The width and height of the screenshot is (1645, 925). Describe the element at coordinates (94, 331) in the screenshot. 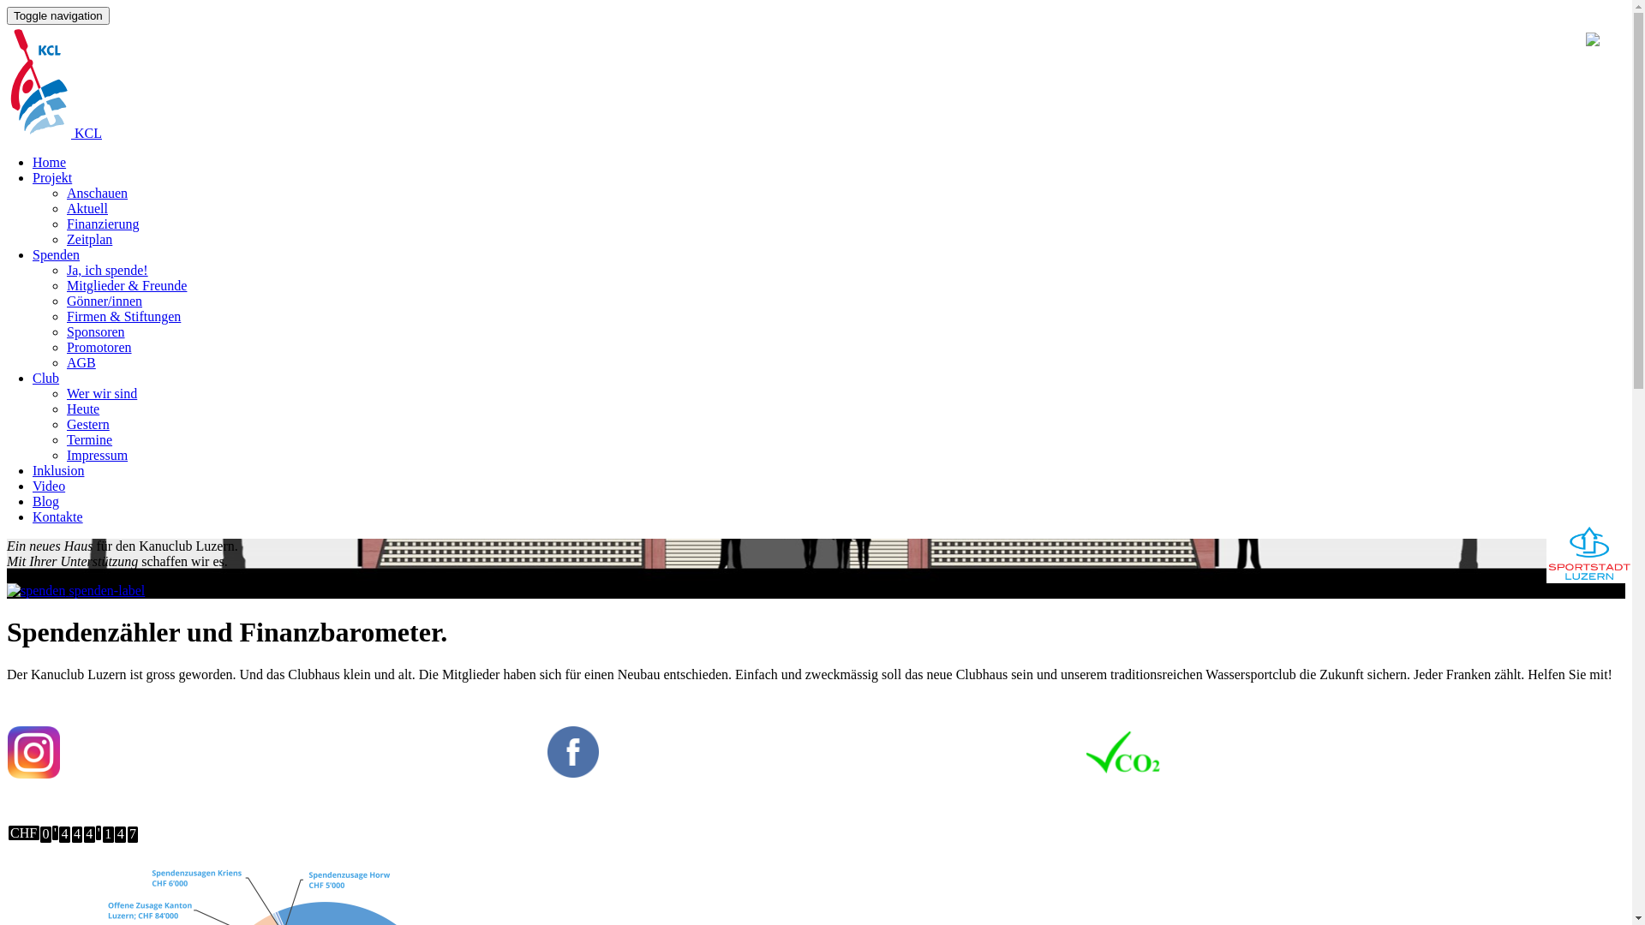

I see `'Sponsoren'` at that location.